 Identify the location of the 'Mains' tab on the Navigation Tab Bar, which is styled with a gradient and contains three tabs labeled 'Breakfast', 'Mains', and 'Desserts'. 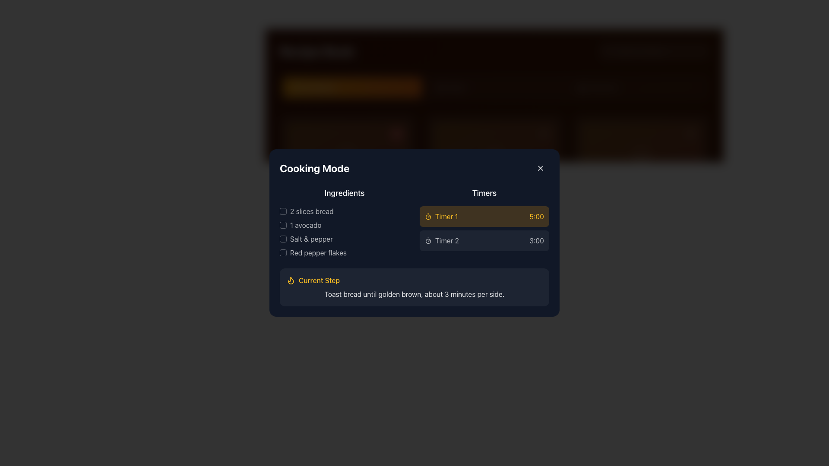
(494, 88).